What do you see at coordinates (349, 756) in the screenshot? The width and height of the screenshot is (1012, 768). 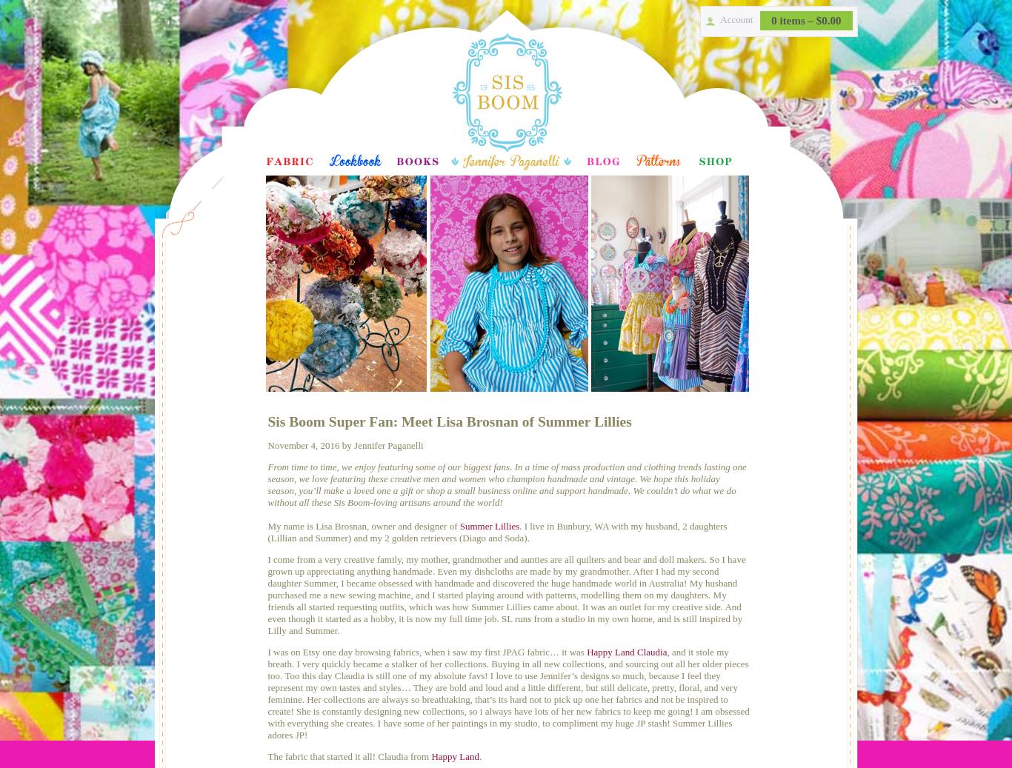 I see `'The fabric that started it all! Claudia from'` at bounding box center [349, 756].